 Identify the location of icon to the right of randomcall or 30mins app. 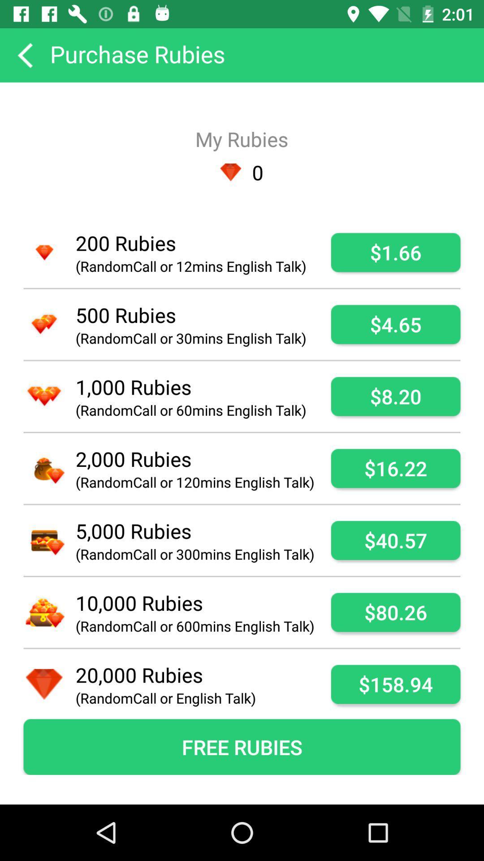
(395, 324).